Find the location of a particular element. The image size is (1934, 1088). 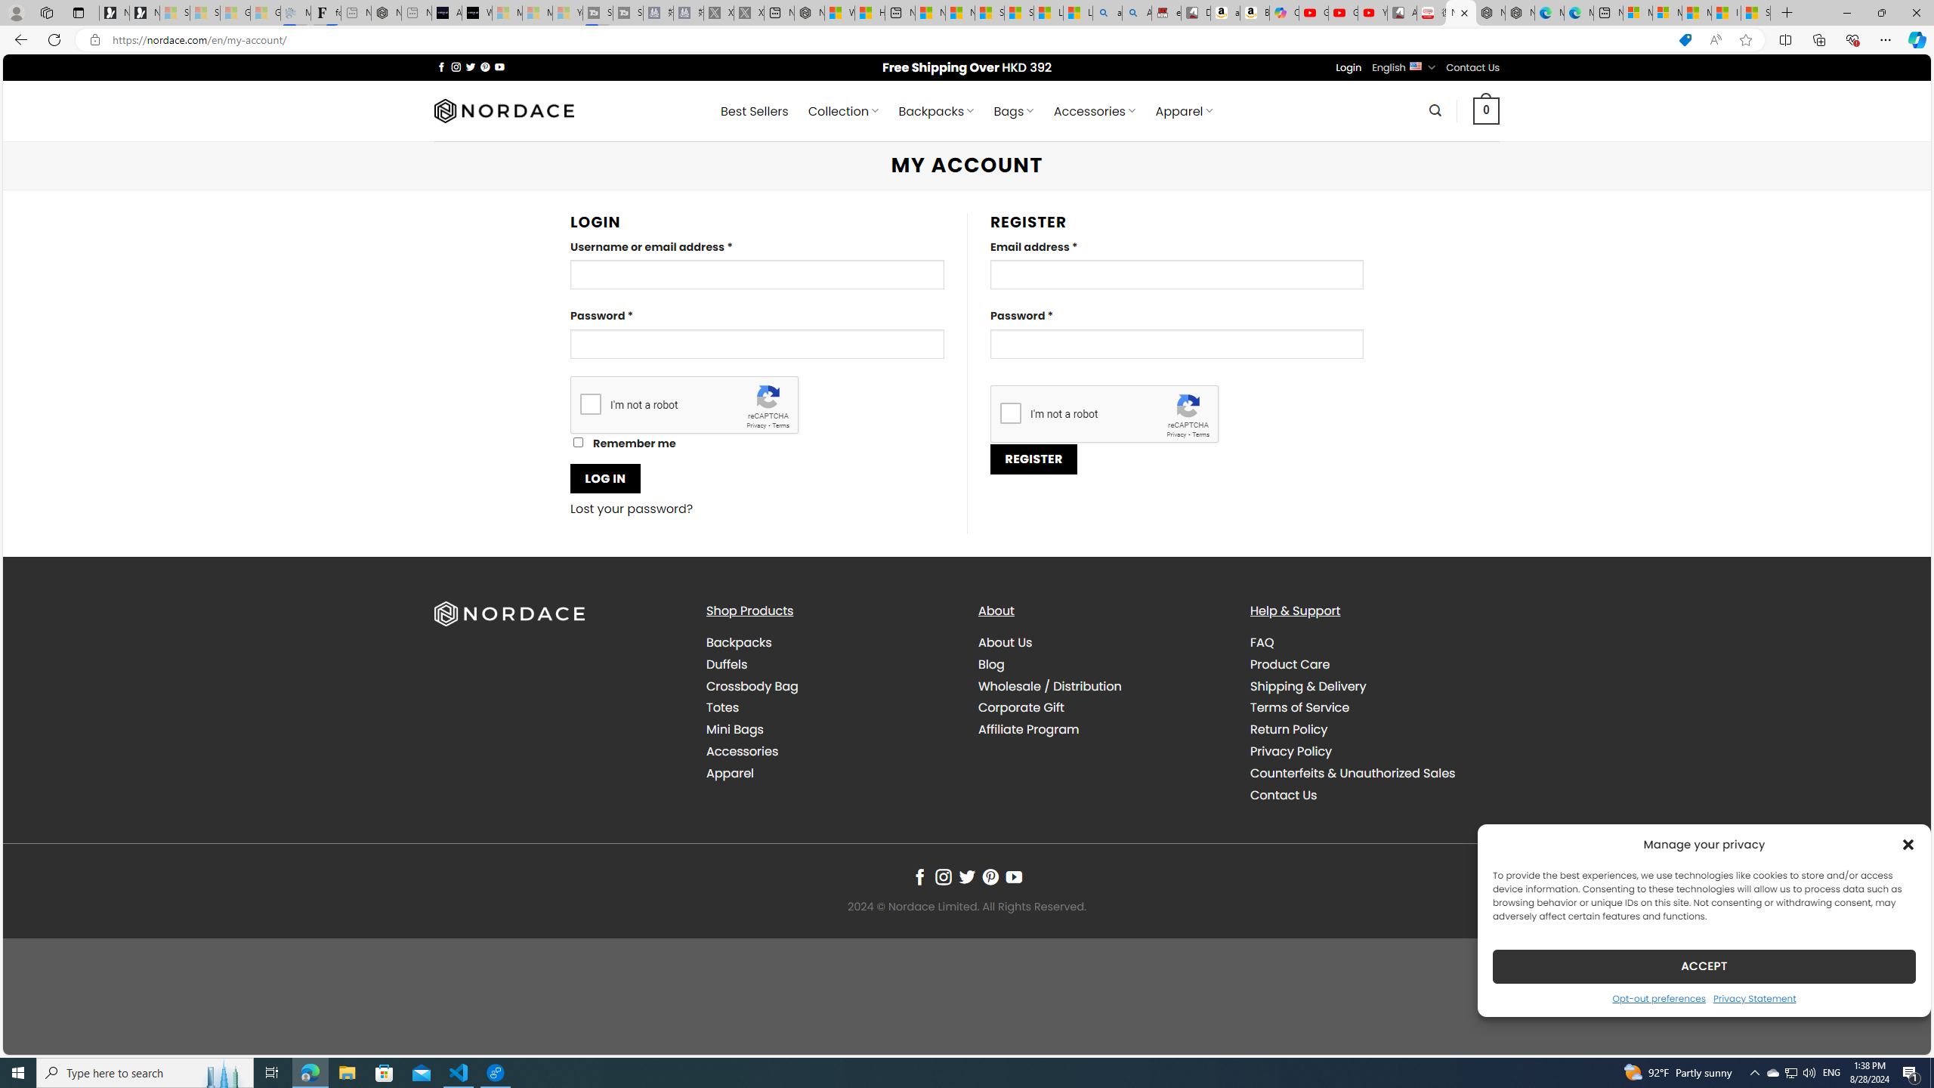

'Crossbody Bag' is located at coordinates (830, 685).